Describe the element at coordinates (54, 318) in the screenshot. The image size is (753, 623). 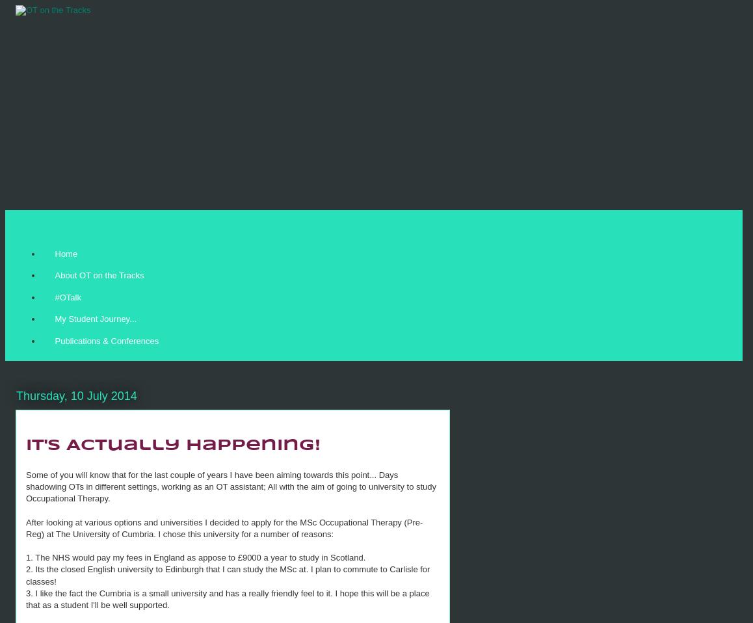
I see `'My Student Journey...'` at that location.